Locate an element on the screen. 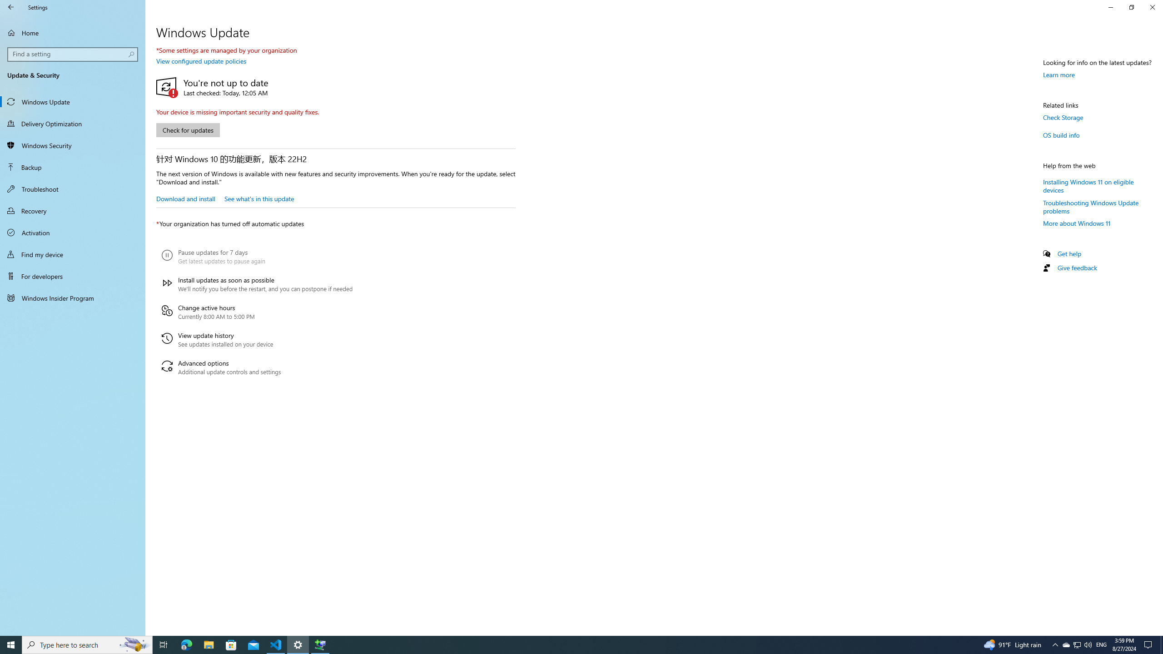  'Minimize Settings' is located at coordinates (1110, 7).